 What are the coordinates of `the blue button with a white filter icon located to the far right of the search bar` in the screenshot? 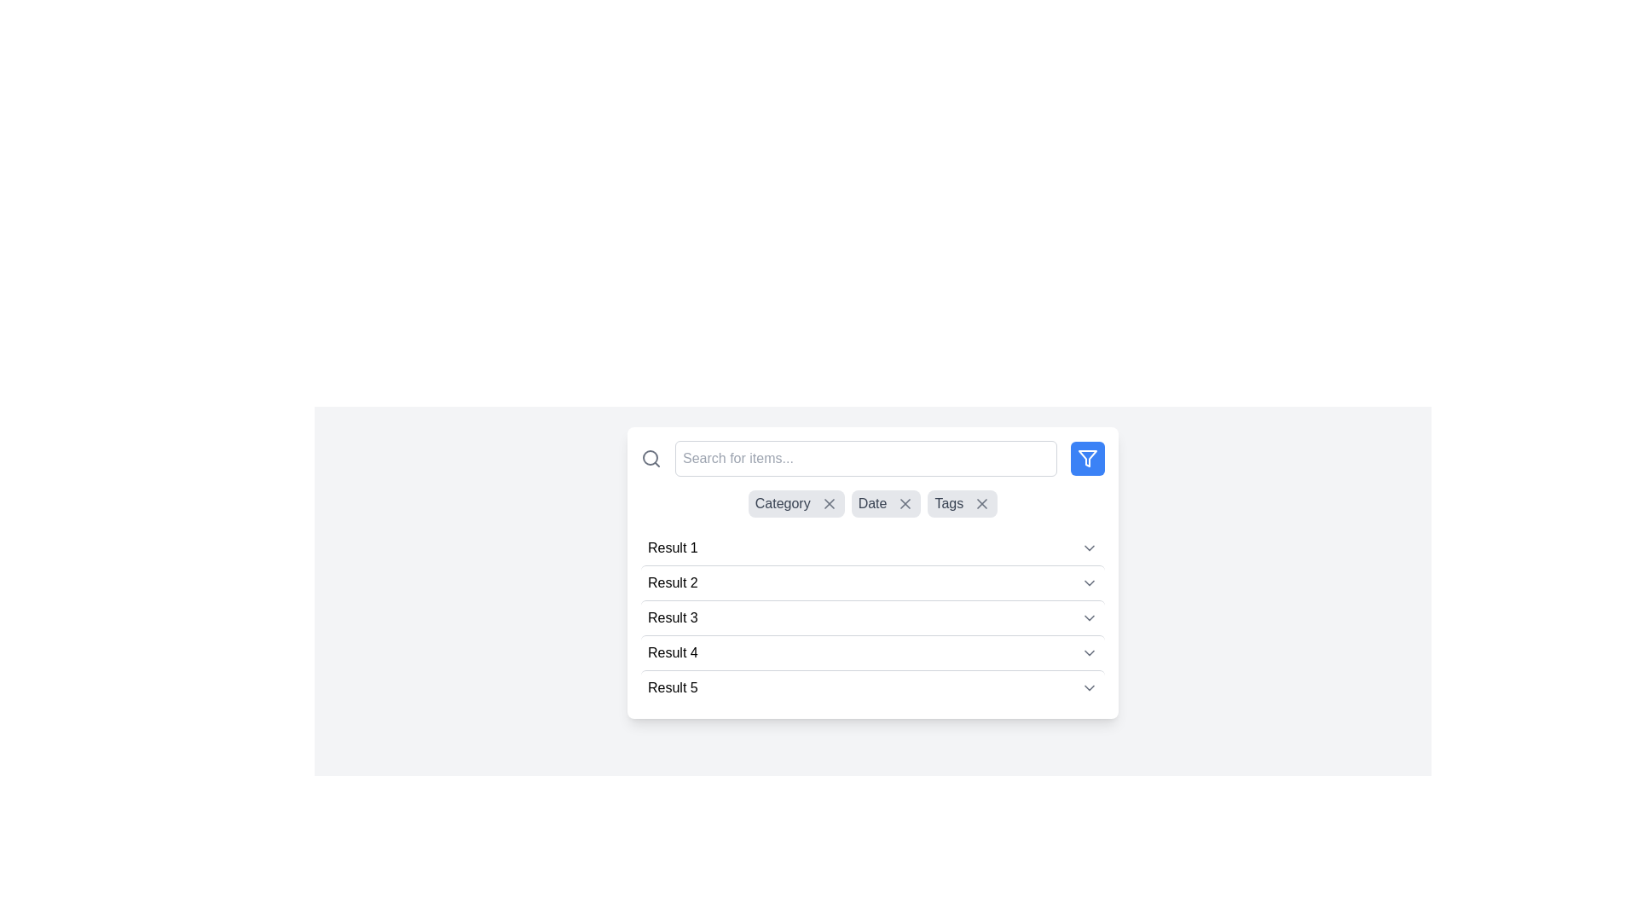 It's located at (1087, 457).